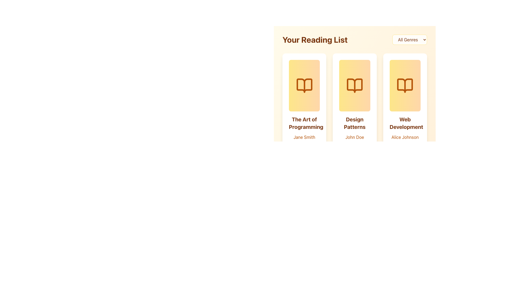  What do you see at coordinates (365, 146) in the screenshot?
I see `the Rating indicator displaying the value 4.8, located in the bottom-right area of the reading card interface beneath the 'Design Patterns' book entry` at bounding box center [365, 146].